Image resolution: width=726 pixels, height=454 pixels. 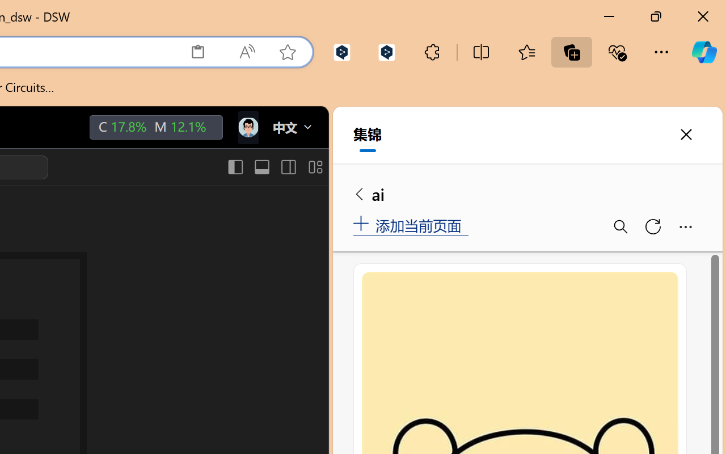 What do you see at coordinates (287, 167) in the screenshot?
I see `'Toggle Secondary Side Bar (Ctrl+Alt+B)'` at bounding box center [287, 167].